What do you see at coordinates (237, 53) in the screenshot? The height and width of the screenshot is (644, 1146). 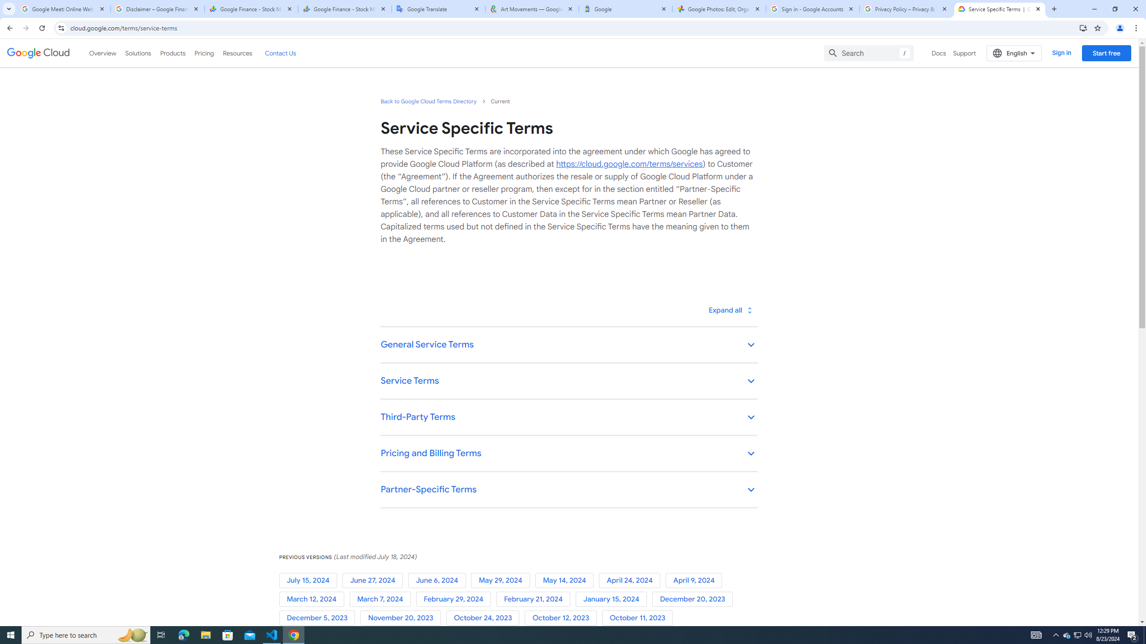 I see `'Resources'` at bounding box center [237, 53].